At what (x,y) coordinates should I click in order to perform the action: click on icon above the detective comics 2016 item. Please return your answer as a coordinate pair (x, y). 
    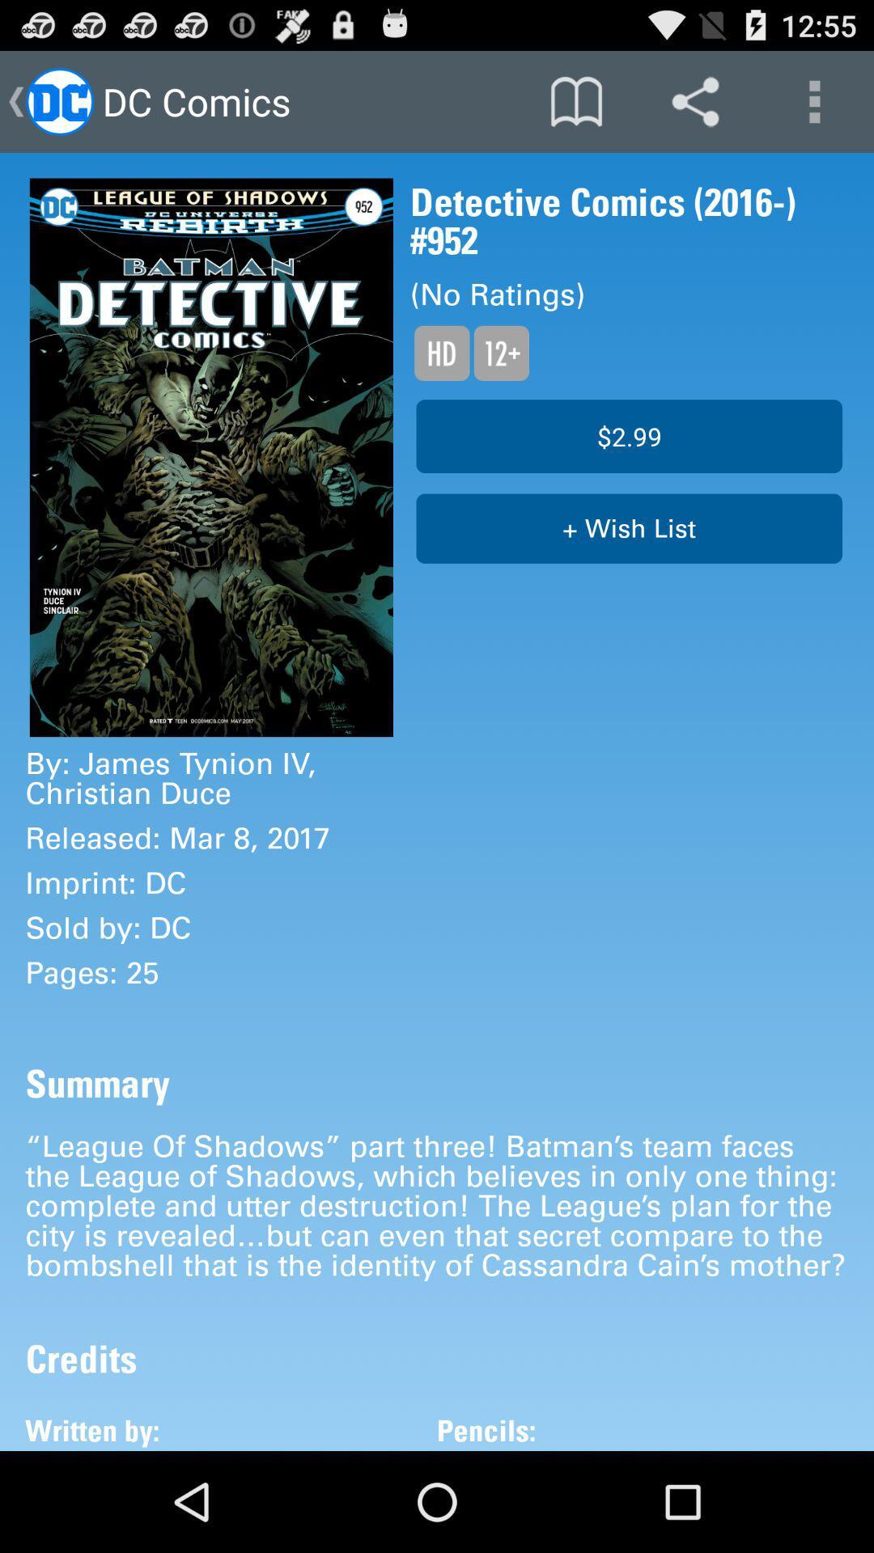
    Looking at the image, I should click on (814, 100).